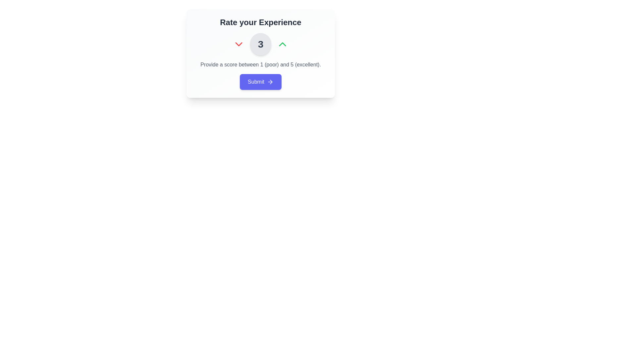 This screenshot has width=636, height=357. Describe the element at coordinates (260, 44) in the screenshot. I see `the Display Label that shows the user's current rating choice, located between two arrow-like icons in the rating panel` at that location.